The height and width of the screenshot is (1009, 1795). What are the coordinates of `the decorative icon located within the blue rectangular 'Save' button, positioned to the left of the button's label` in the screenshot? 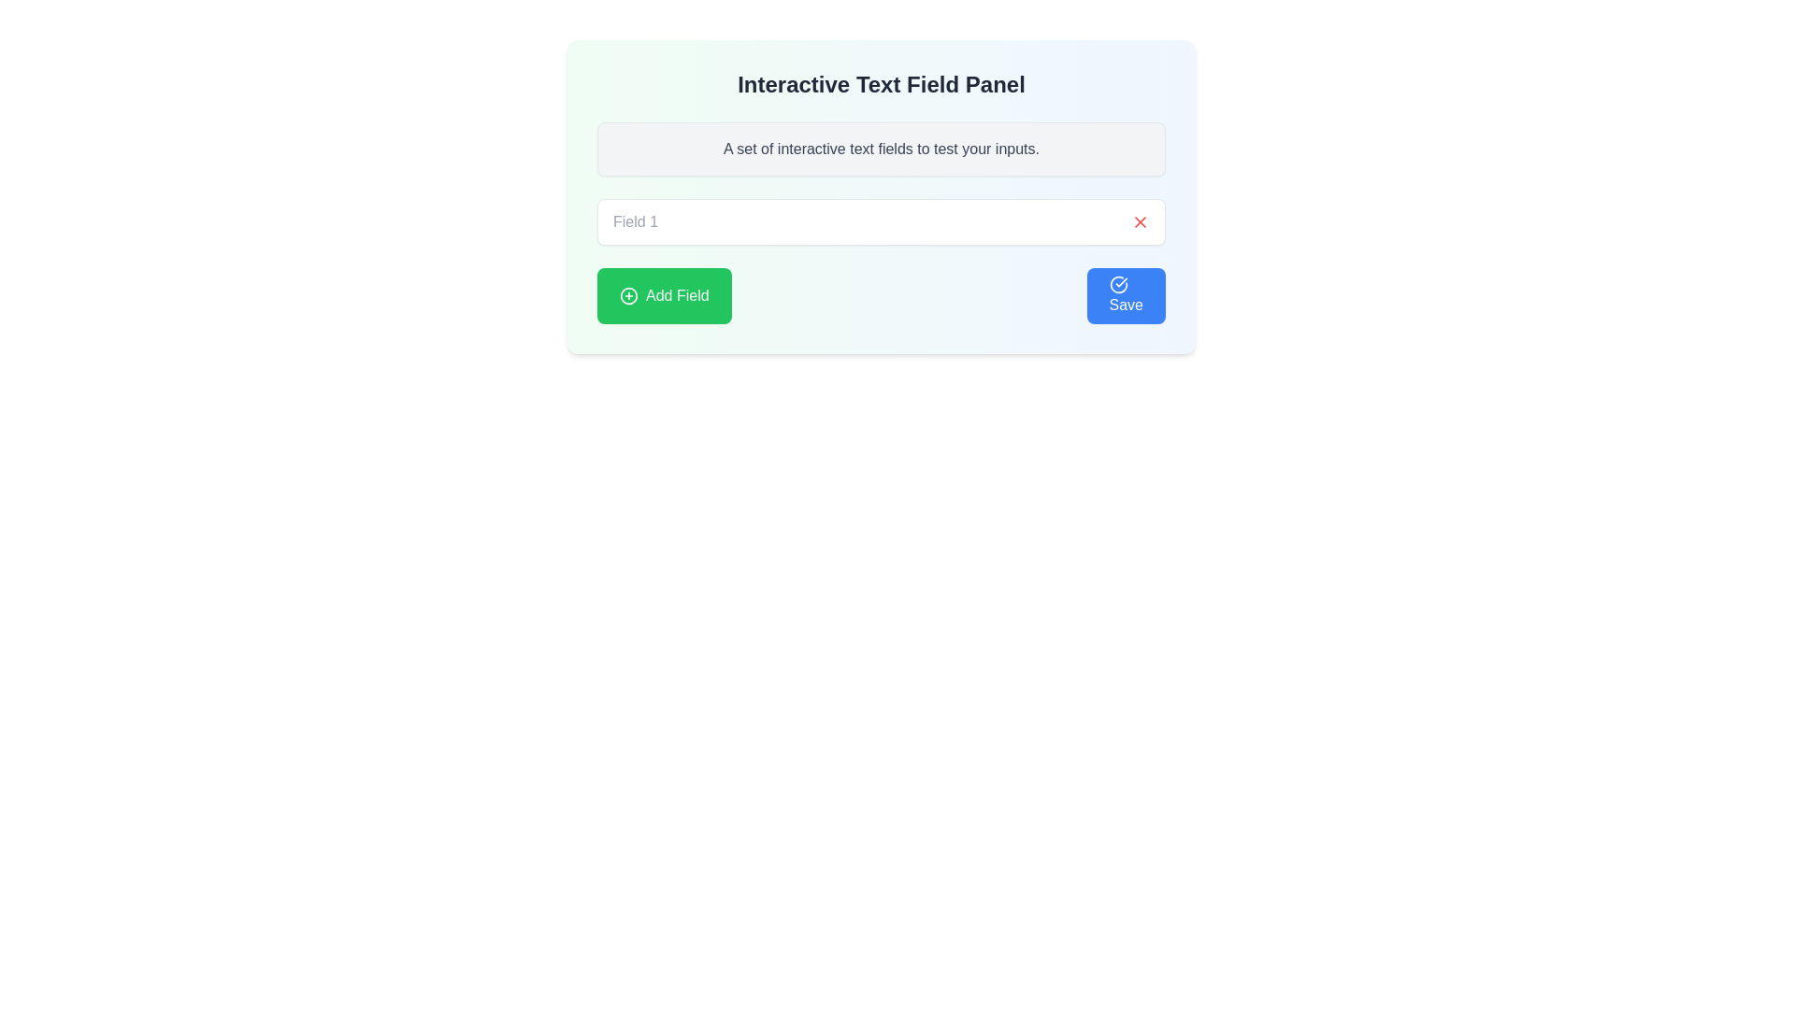 It's located at (1118, 284).